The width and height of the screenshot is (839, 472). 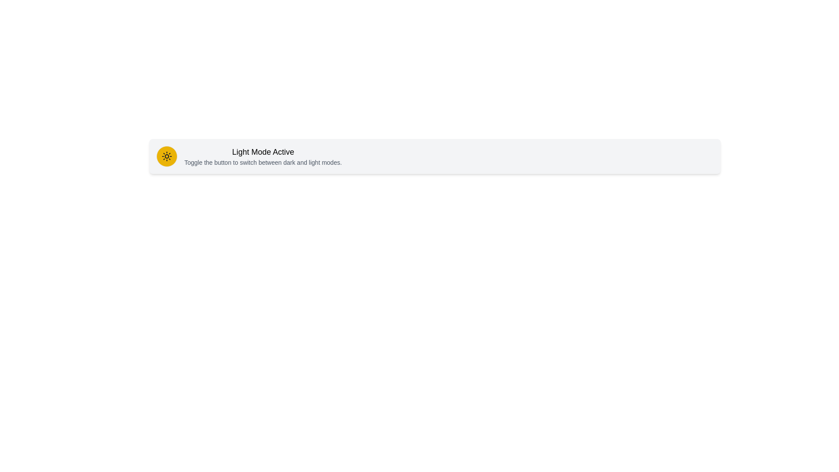 I want to click on the Text Label that states 'Light Mode Active' with the description 'Toggle the button to switch between dark and light modes.', so click(x=263, y=156).